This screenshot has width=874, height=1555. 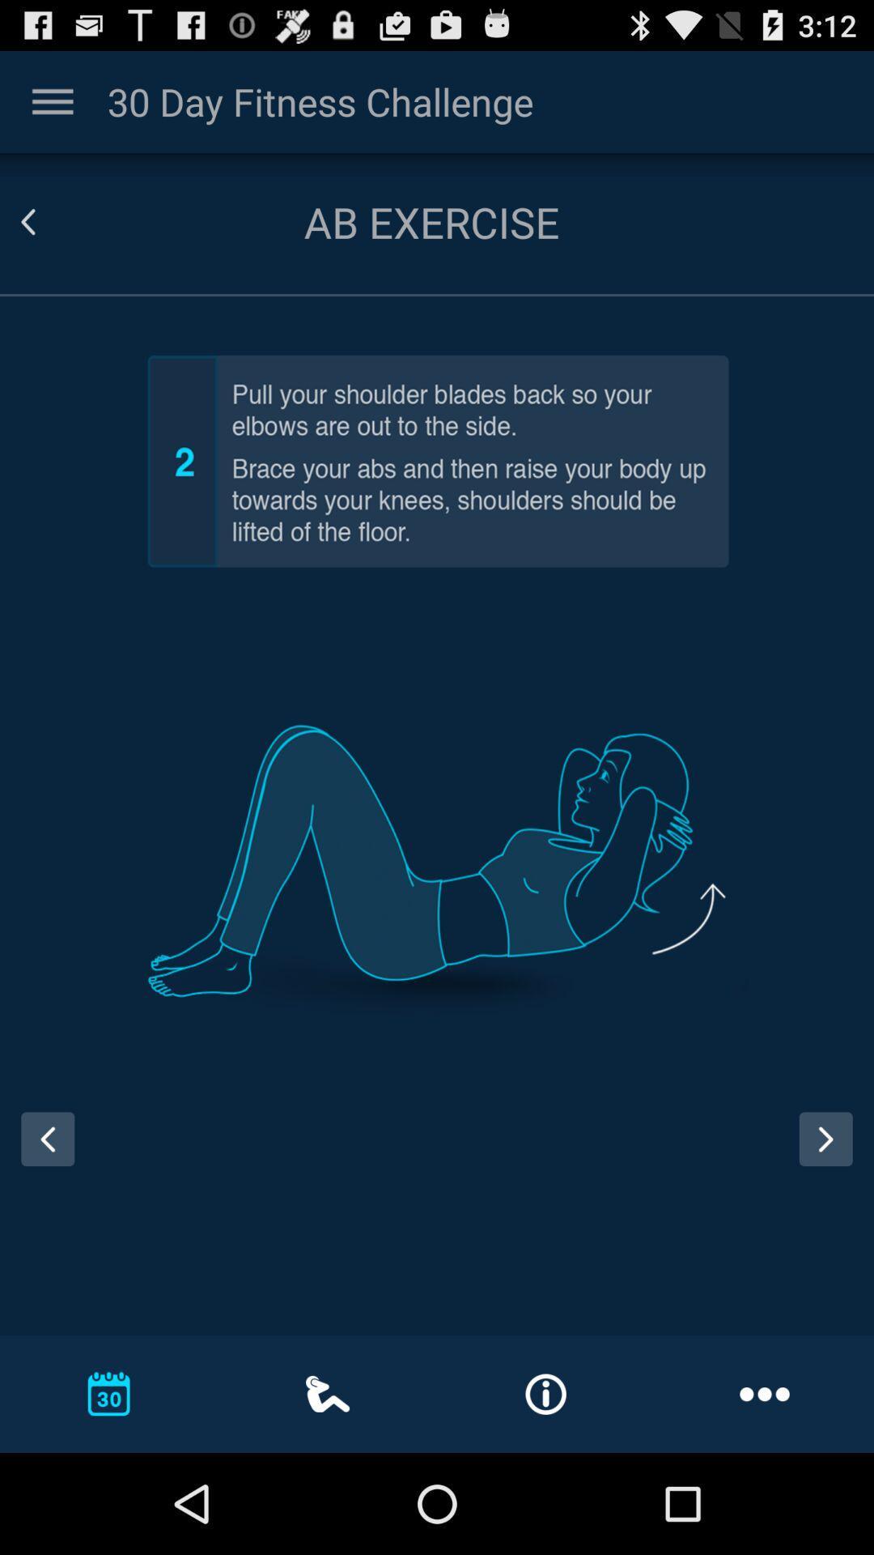 What do you see at coordinates (825, 1138) in the screenshot?
I see `next` at bounding box center [825, 1138].